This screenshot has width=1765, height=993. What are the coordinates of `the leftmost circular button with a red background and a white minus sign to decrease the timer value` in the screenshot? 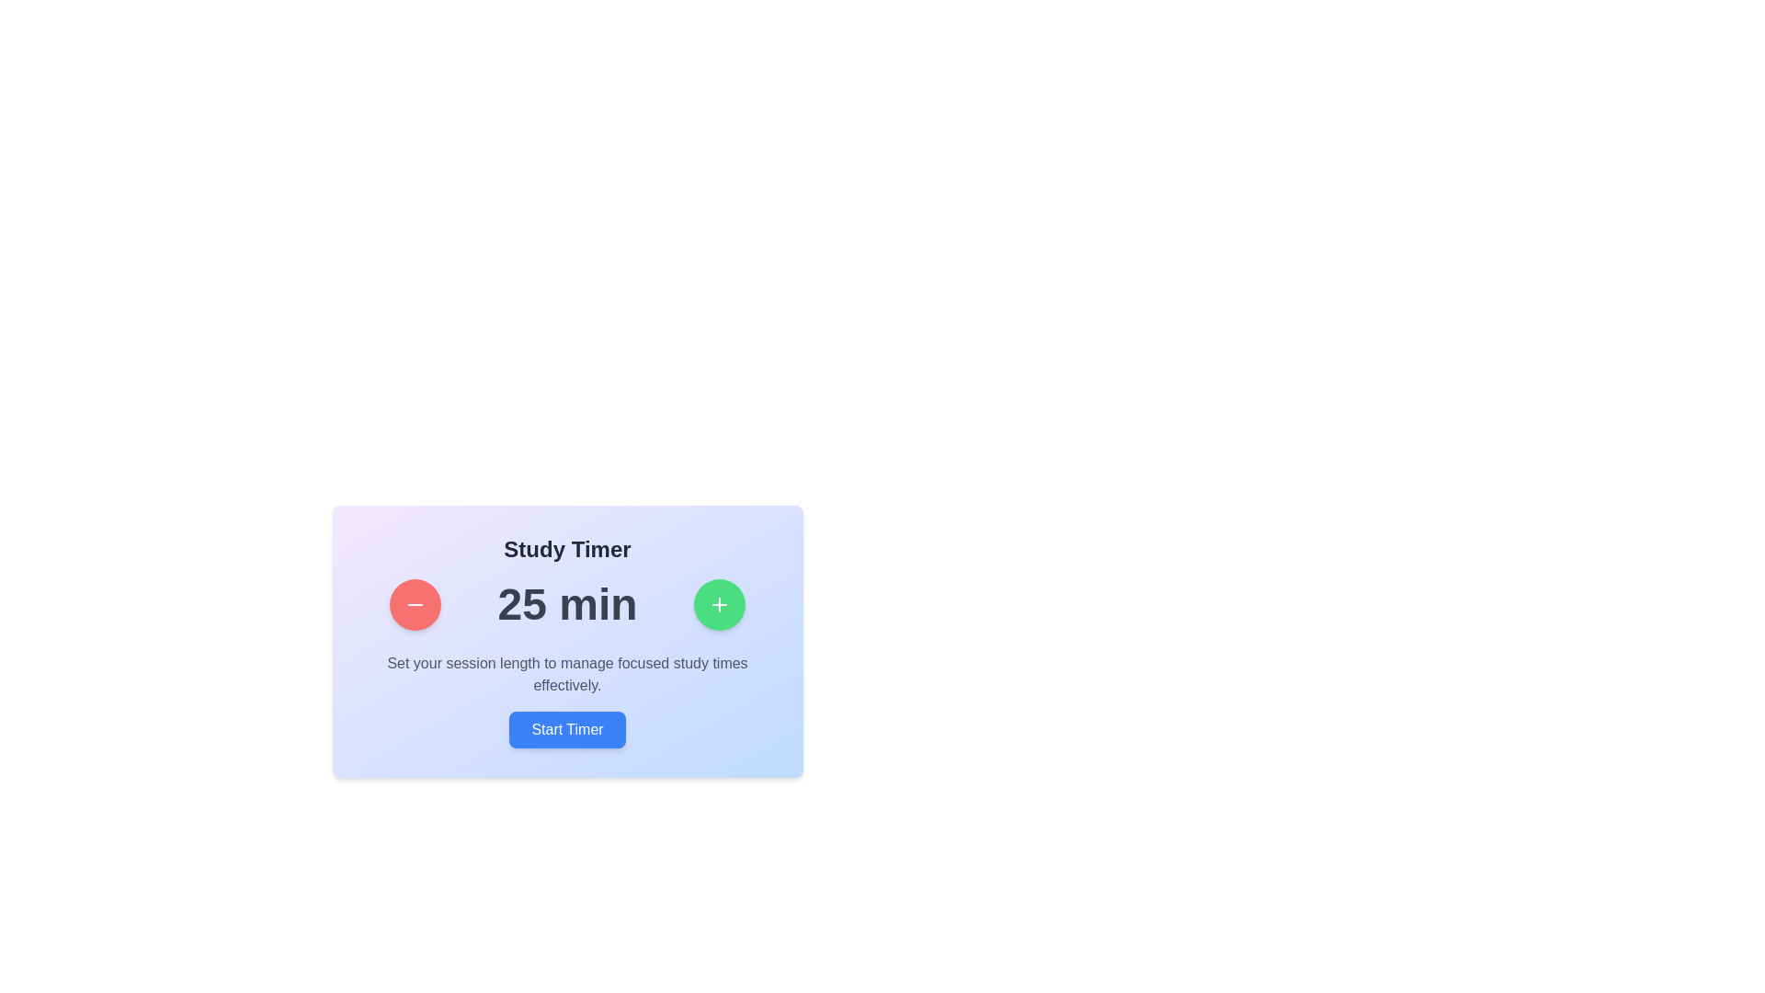 It's located at (414, 605).